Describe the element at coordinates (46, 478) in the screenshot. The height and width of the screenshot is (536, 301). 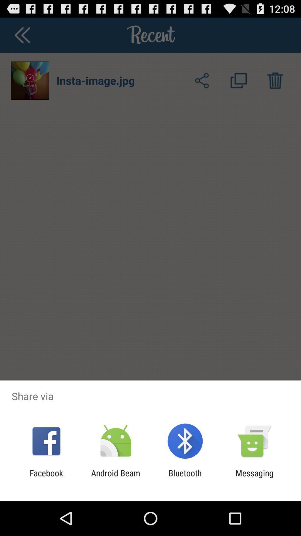
I see `the facebook app` at that location.